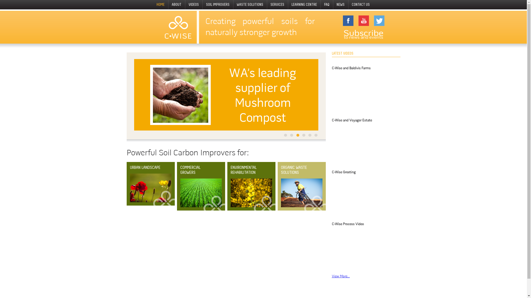 This screenshot has height=298, width=531. I want to click on 'LEARNING CENTRE', so click(304, 4).